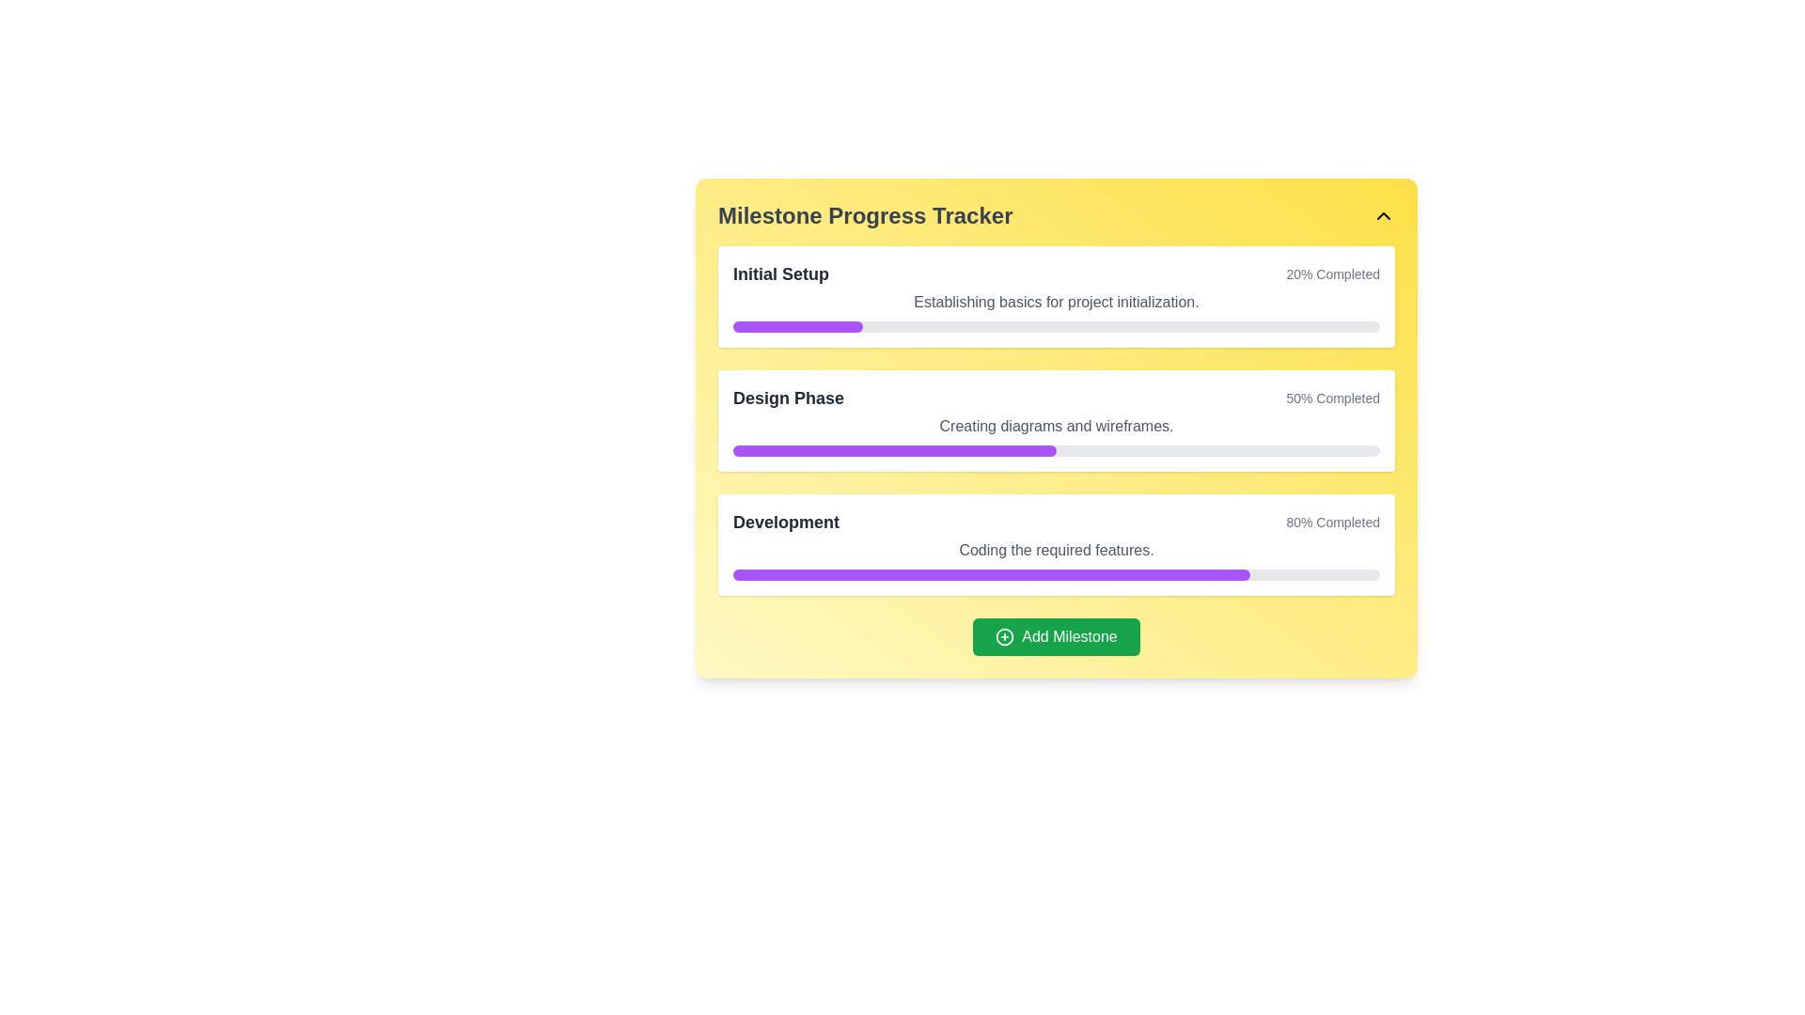 This screenshot has height=1015, width=1805. Describe the element at coordinates (1056, 450) in the screenshot. I see `the progress visually by focusing on the horizontal progress bar located at the lower portion of the 'Design Phase' card, which indicates completion with a filled purple portion` at that location.